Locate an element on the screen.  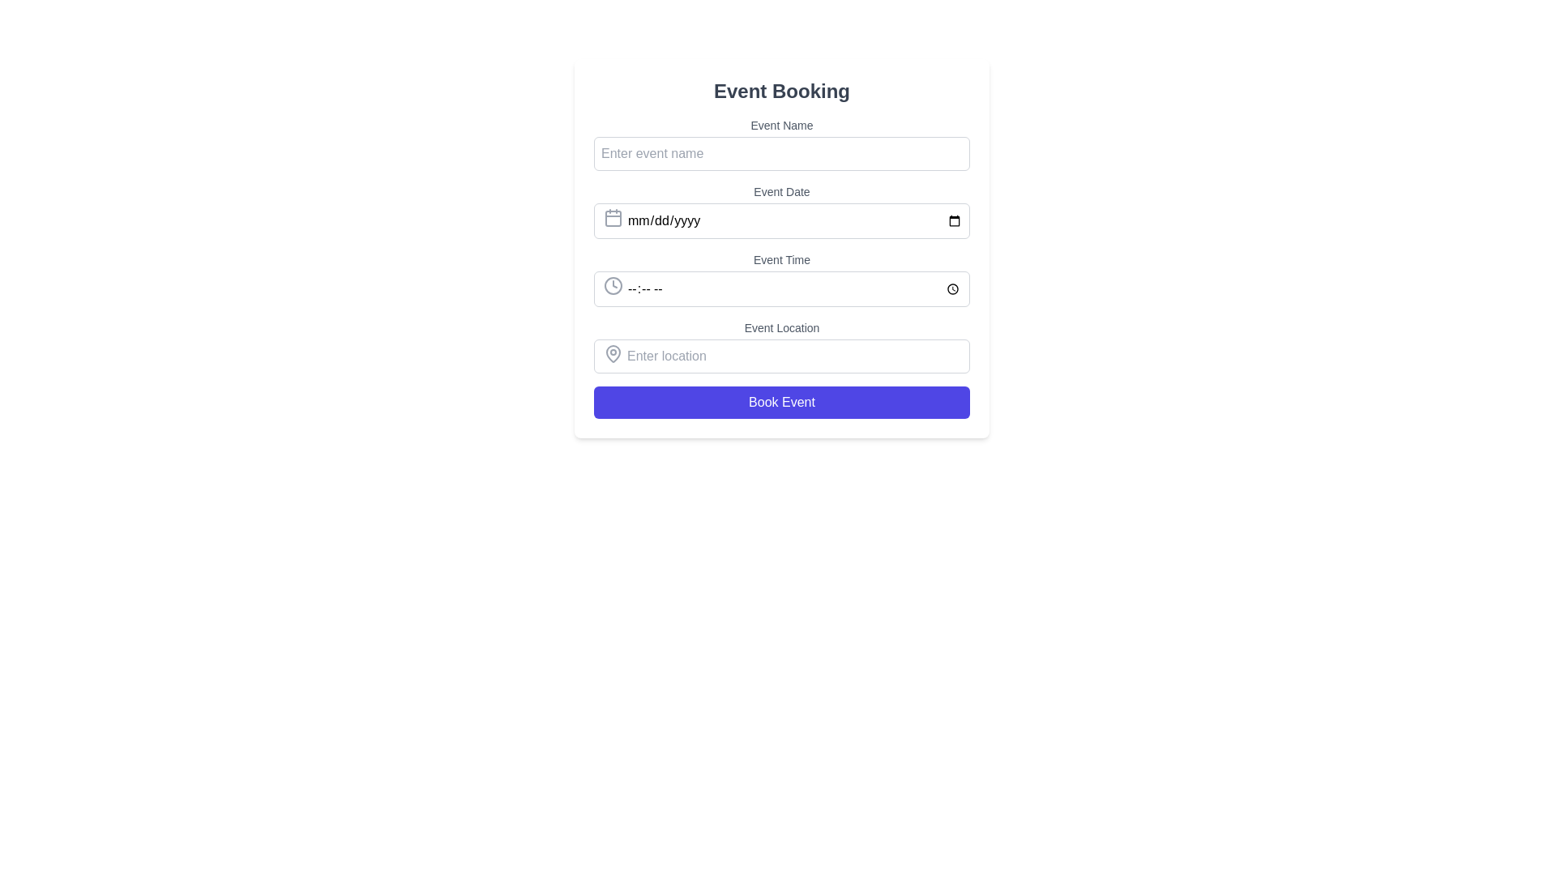
the date selection icon located inside the 'Event Date' input field, positioned to the far left of the text box near the placeholder text 'mm/dd/yyyy' is located at coordinates (613, 217).